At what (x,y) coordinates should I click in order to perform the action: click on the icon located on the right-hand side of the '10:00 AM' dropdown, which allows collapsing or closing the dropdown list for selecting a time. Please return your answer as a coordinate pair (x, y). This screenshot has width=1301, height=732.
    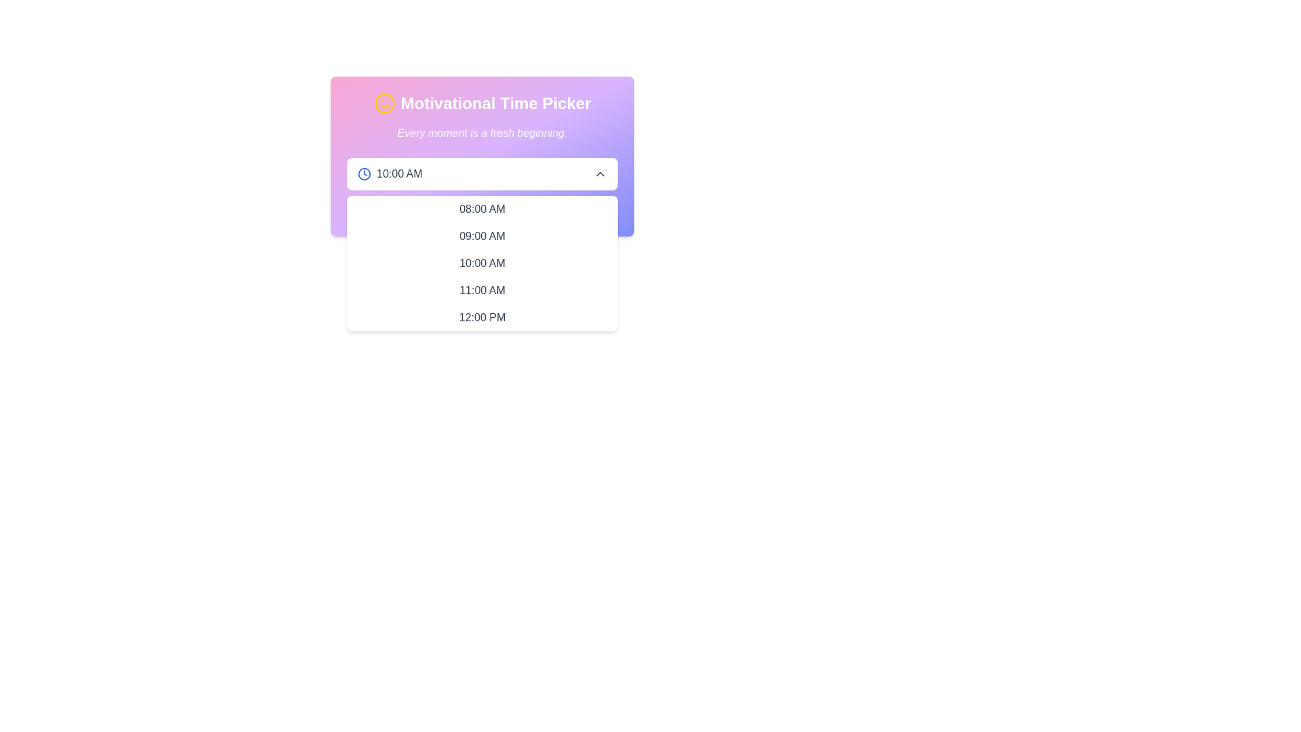
    Looking at the image, I should click on (600, 174).